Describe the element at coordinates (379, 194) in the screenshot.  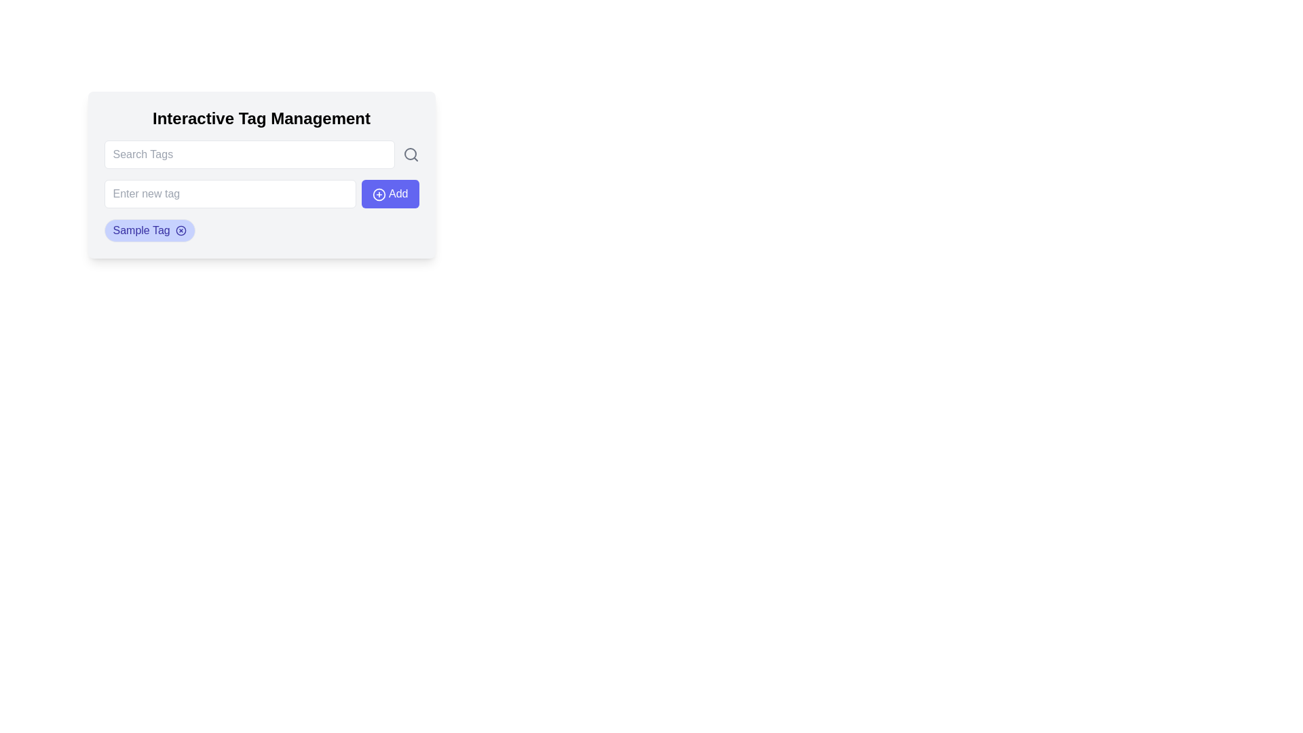
I see `the decorative icon within the 'Add' button` at that location.